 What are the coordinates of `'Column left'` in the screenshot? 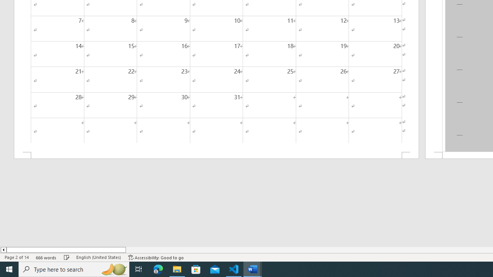 It's located at (3, 250).